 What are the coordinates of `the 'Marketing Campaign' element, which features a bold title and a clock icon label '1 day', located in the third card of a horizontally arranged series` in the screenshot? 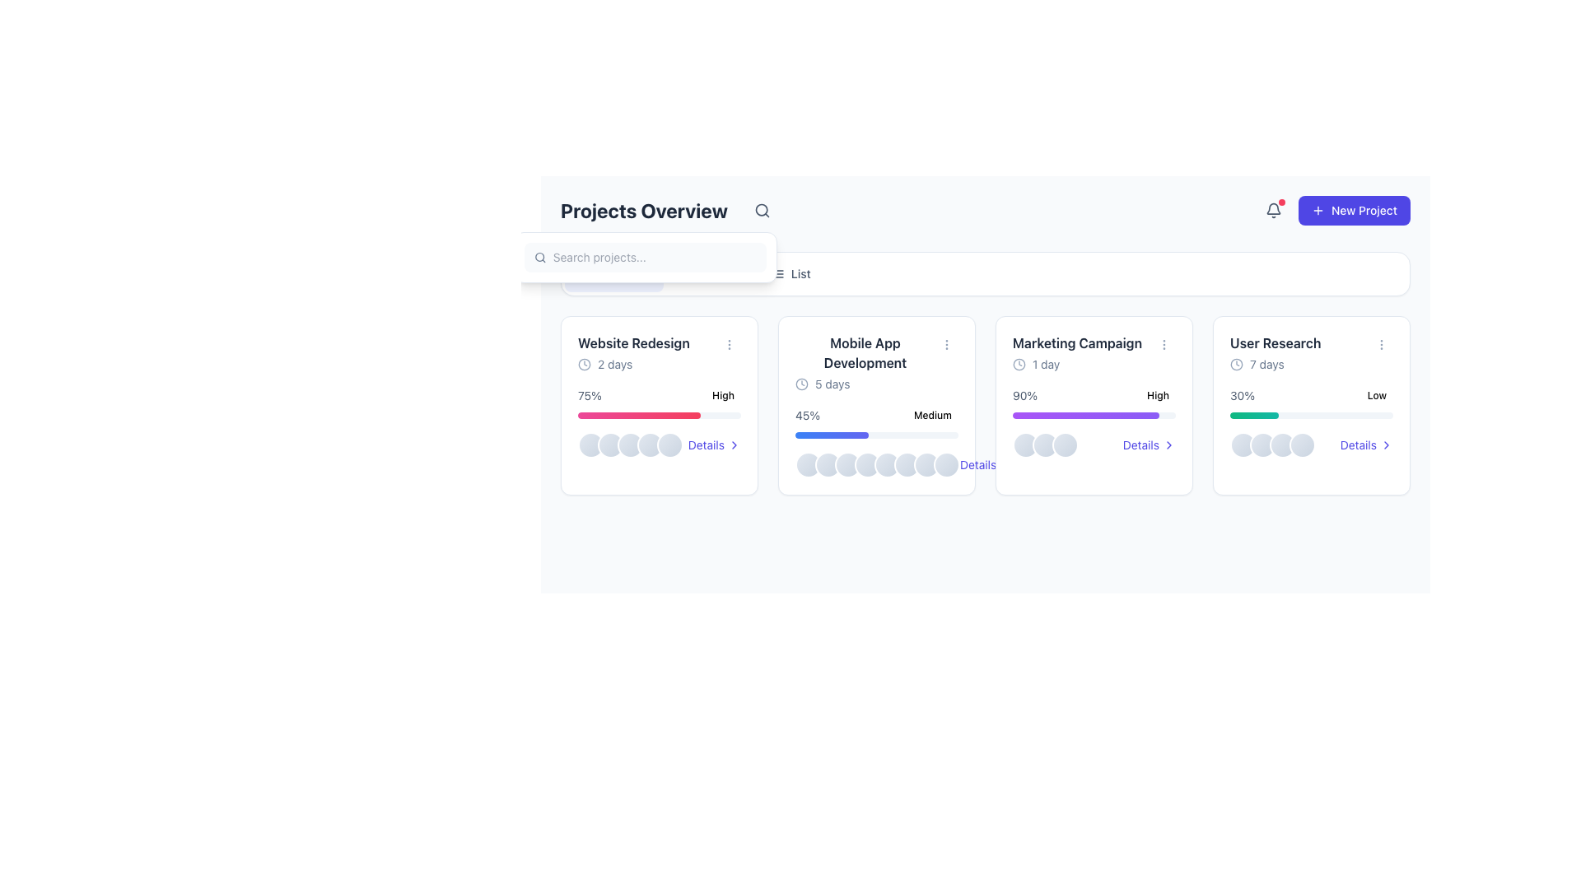 It's located at (1077, 351).